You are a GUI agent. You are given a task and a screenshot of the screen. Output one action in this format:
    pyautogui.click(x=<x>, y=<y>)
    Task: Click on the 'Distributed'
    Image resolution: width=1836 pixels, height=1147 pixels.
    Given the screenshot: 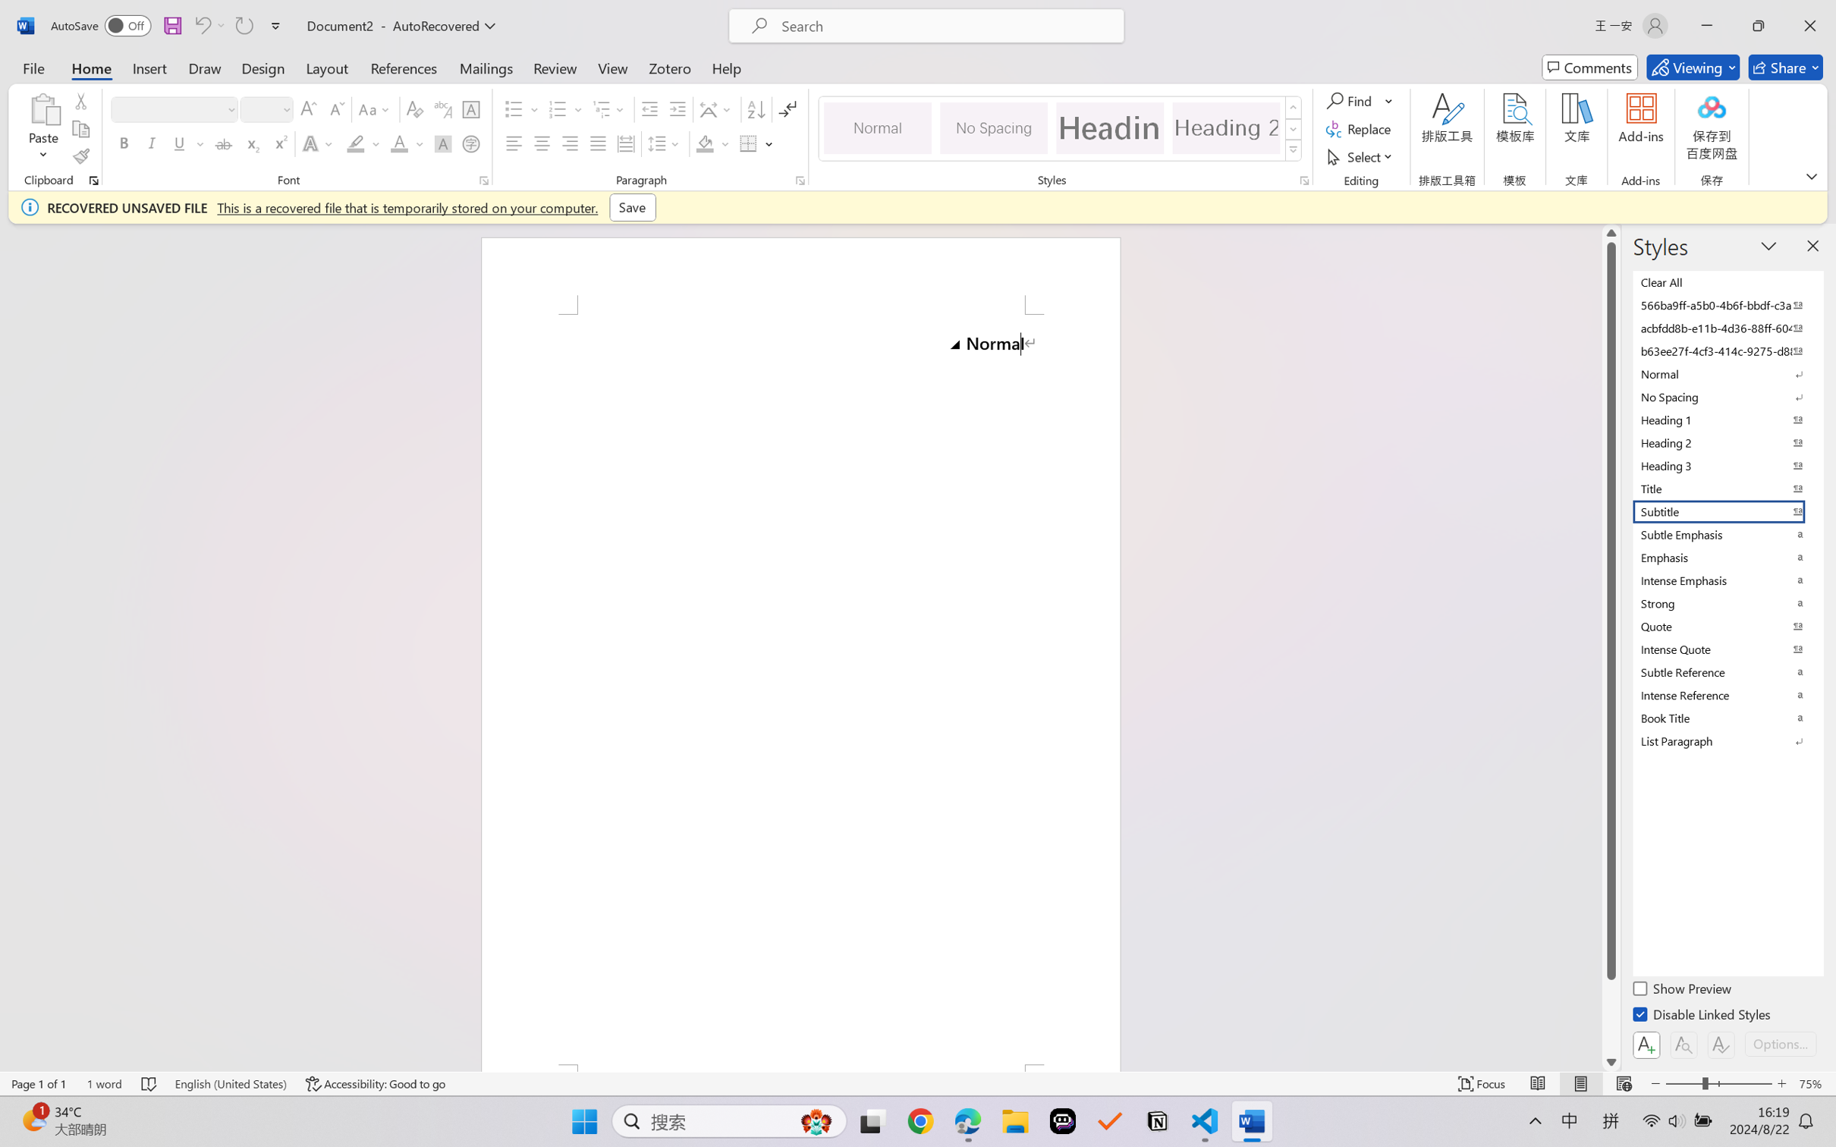 What is the action you would take?
    pyautogui.click(x=624, y=143)
    